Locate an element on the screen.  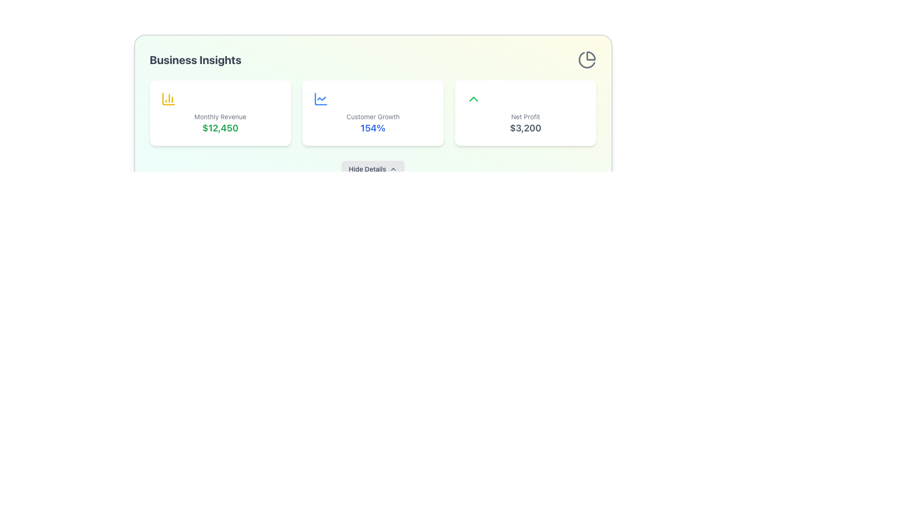
the Information Card that displays the percentage growth in customers, which is the second card in a horizontal group of three cards on the dashboard is located at coordinates (372, 113).